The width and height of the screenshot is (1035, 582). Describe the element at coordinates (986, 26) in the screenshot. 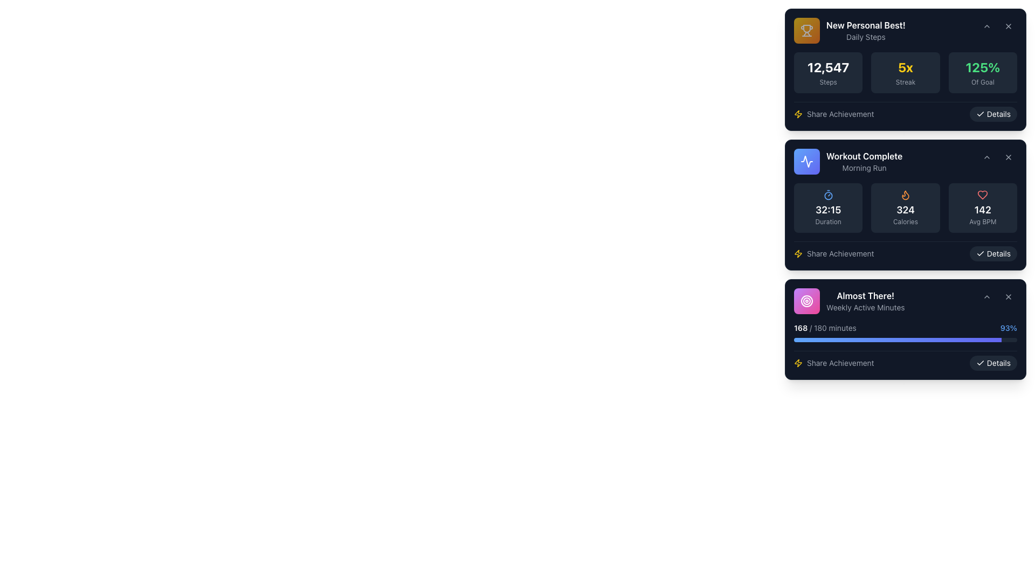

I see `the small, triangular icon styled with a downward-chevron shape located at the top-right corner of the 'New Personal Best!' module` at that location.